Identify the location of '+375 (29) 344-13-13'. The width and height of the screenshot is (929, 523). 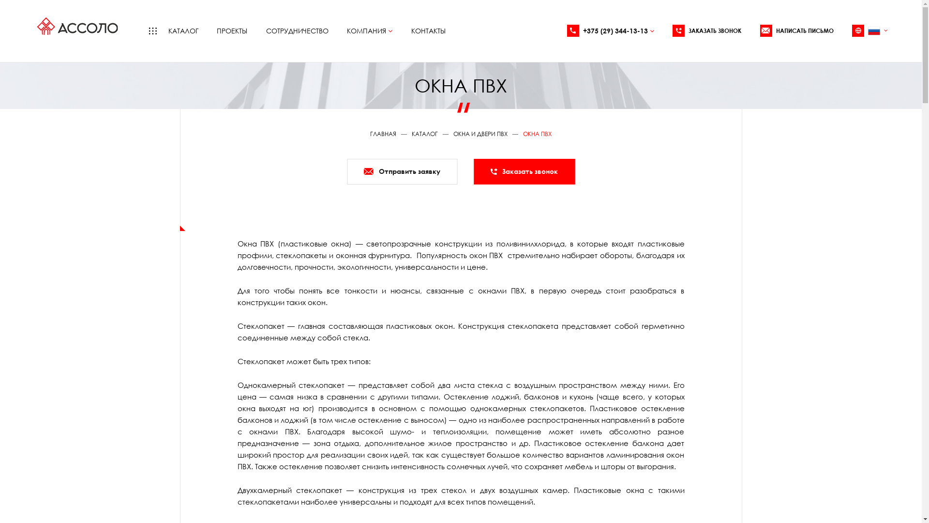
(610, 30).